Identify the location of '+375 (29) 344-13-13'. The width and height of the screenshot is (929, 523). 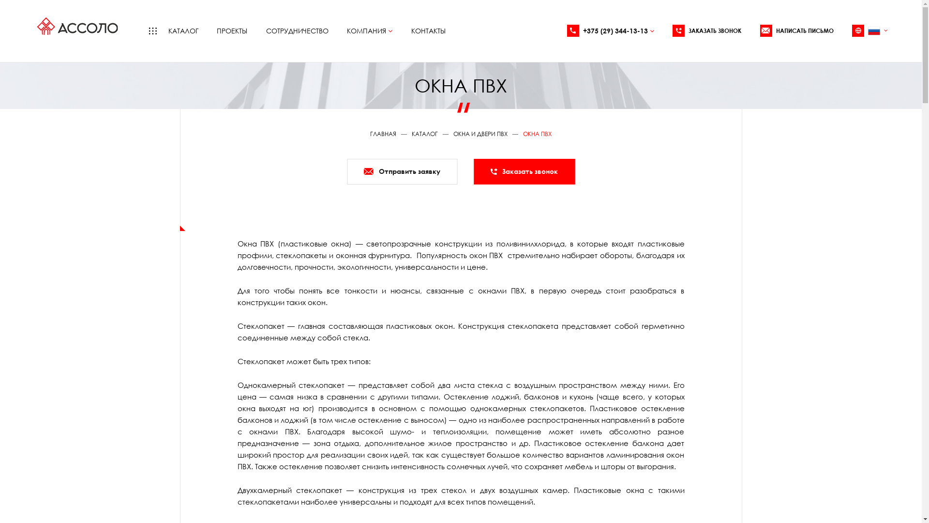
(610, 30).